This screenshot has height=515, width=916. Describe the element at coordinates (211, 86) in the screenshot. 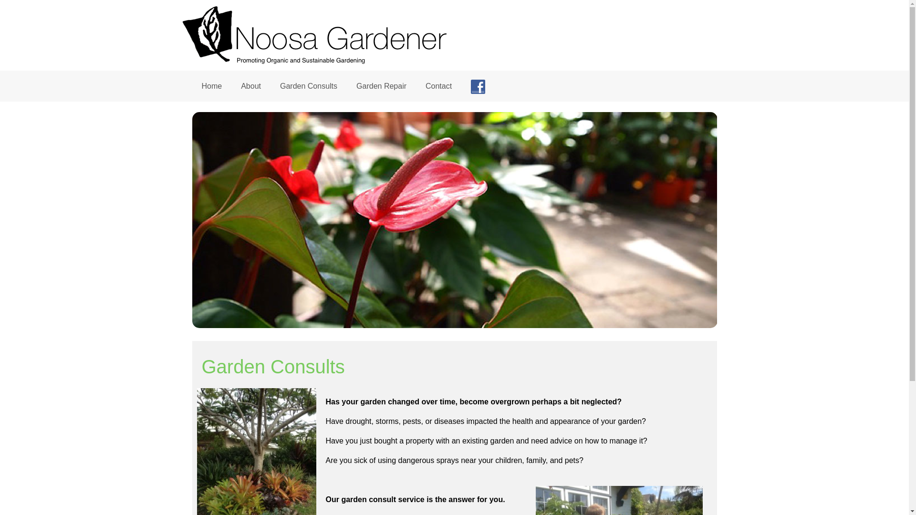

I see `'Home'` at that location.